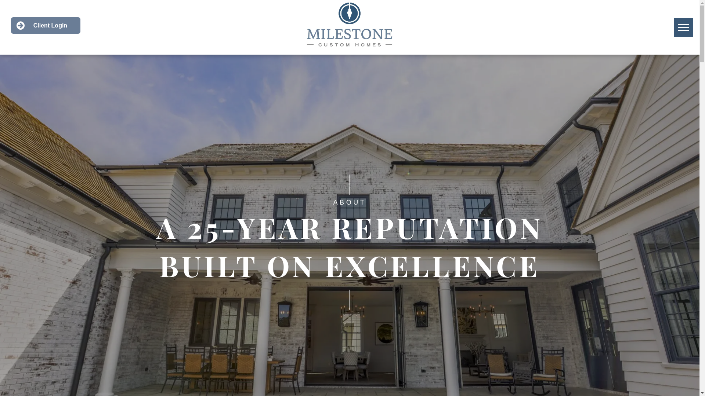 This screenshot has width=705, height=396. I want to click on 'Client Login', so click(11, 25).